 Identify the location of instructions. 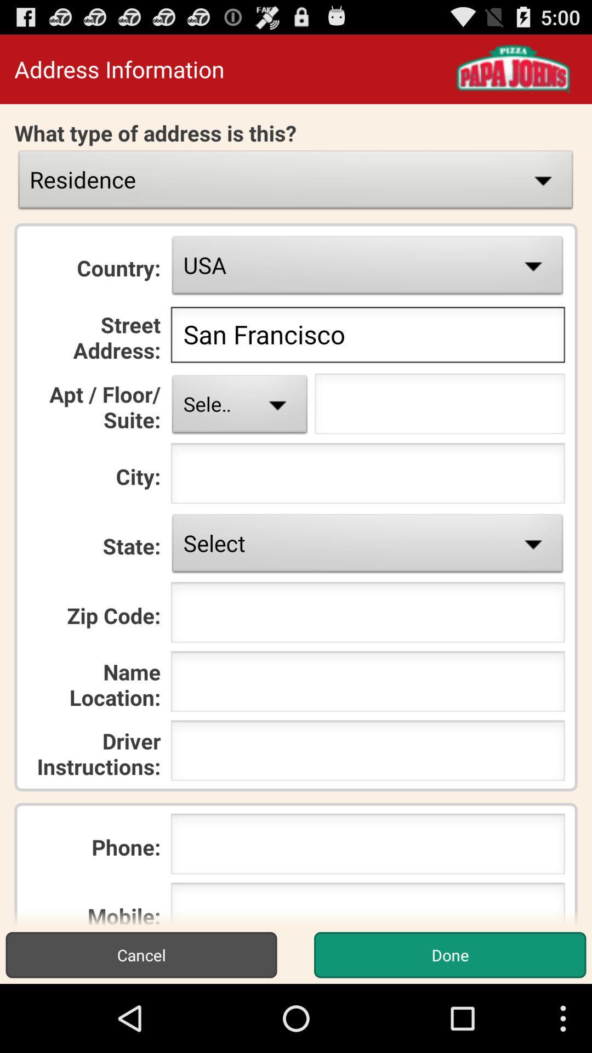
(368, 753).